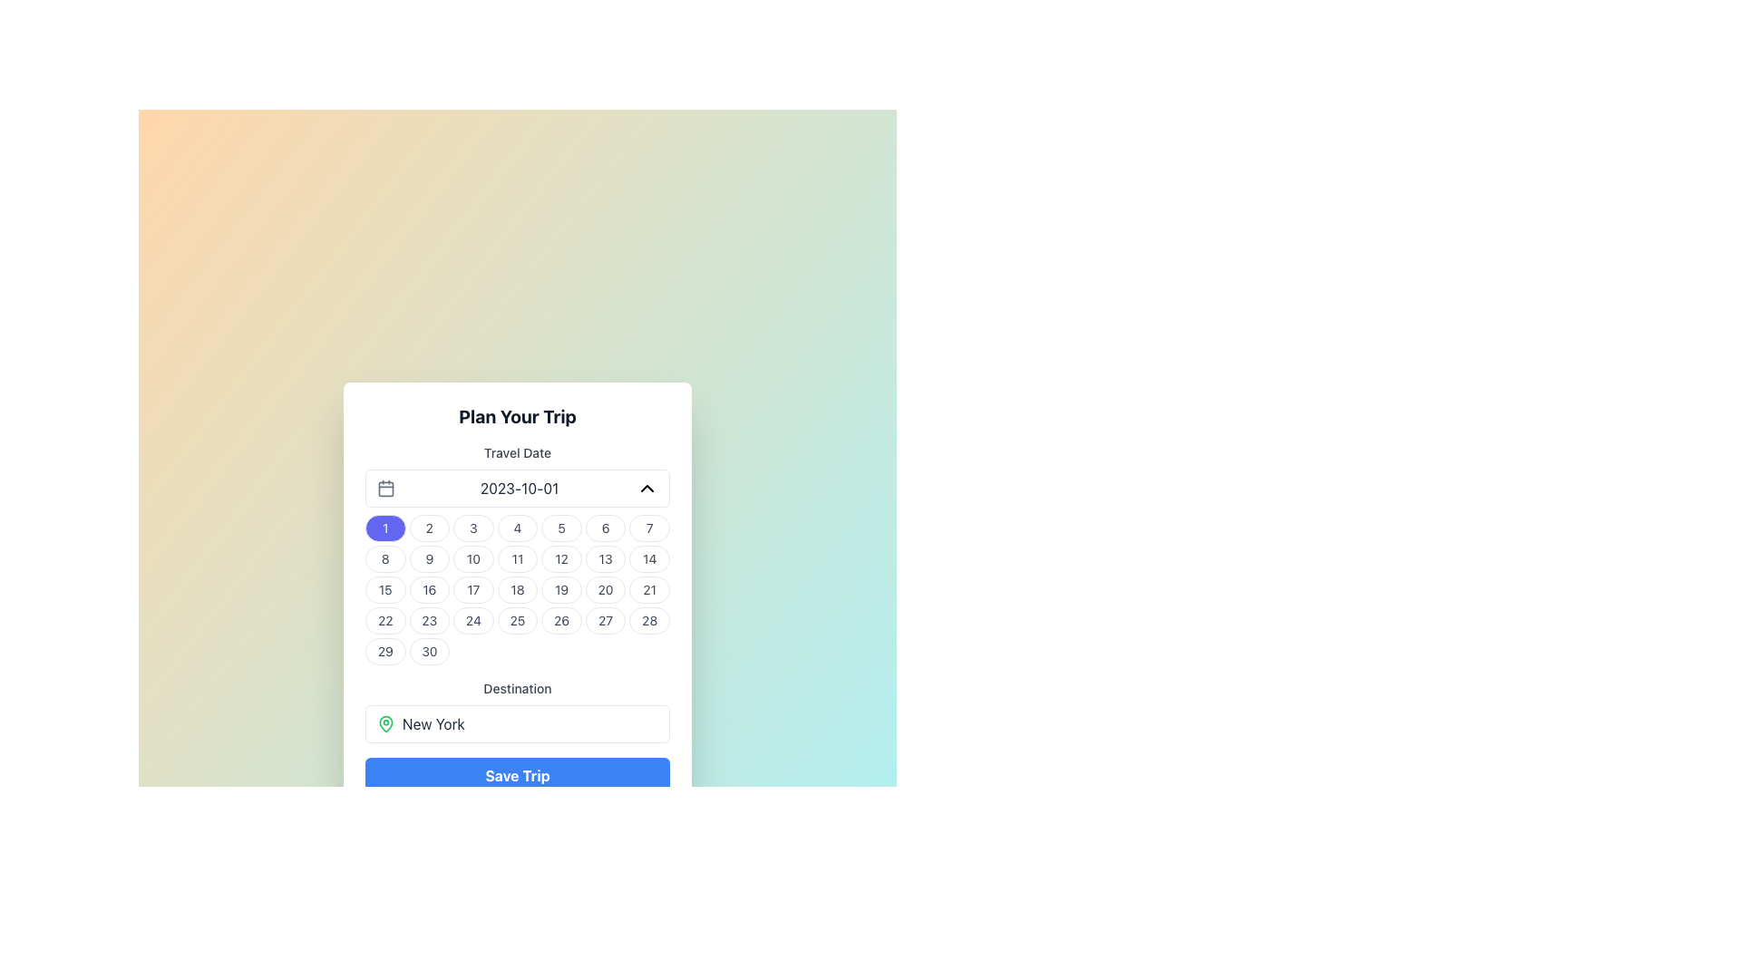 Image resolution: width=1741 pixels, height=979 pixels. Describe the element at coordinates (649, 558) in the screenshot. I see `the rounded button displaying the number '14' in the second row and seventh column of the date grid` at that location.